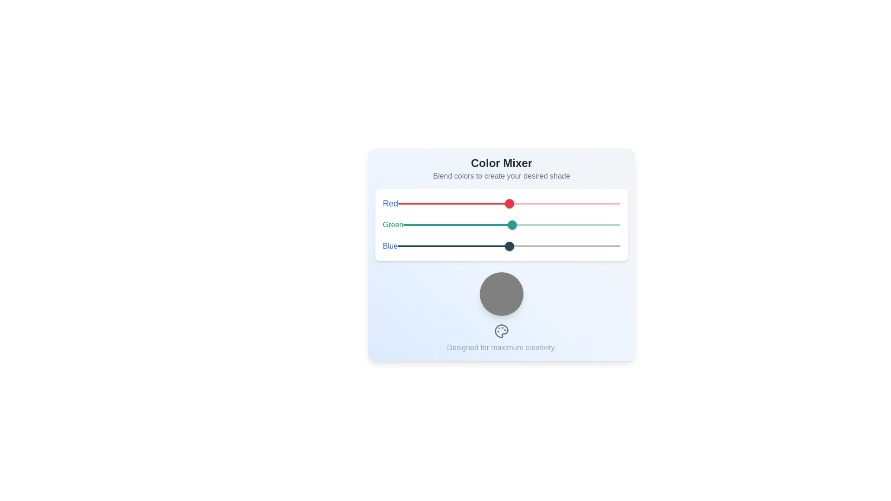  Describe the element at coordinates (523, 203) in the screenshot. I see `the red value` at that location.